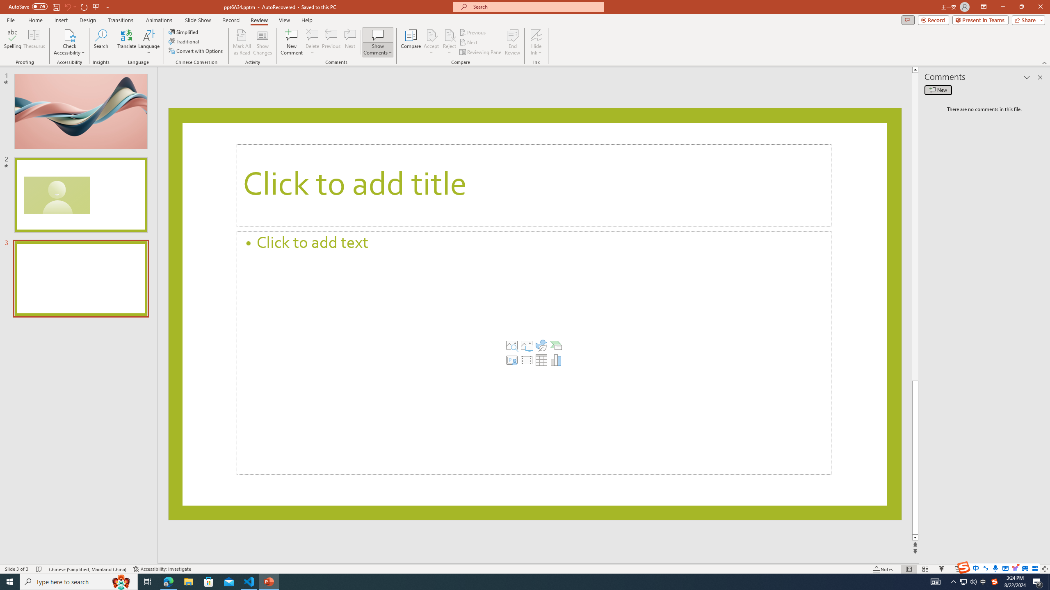  What do you see at coordinates (242, 42) in the screenshot?
I see `'Mark All as Read'` at bounding box center [242, 42].